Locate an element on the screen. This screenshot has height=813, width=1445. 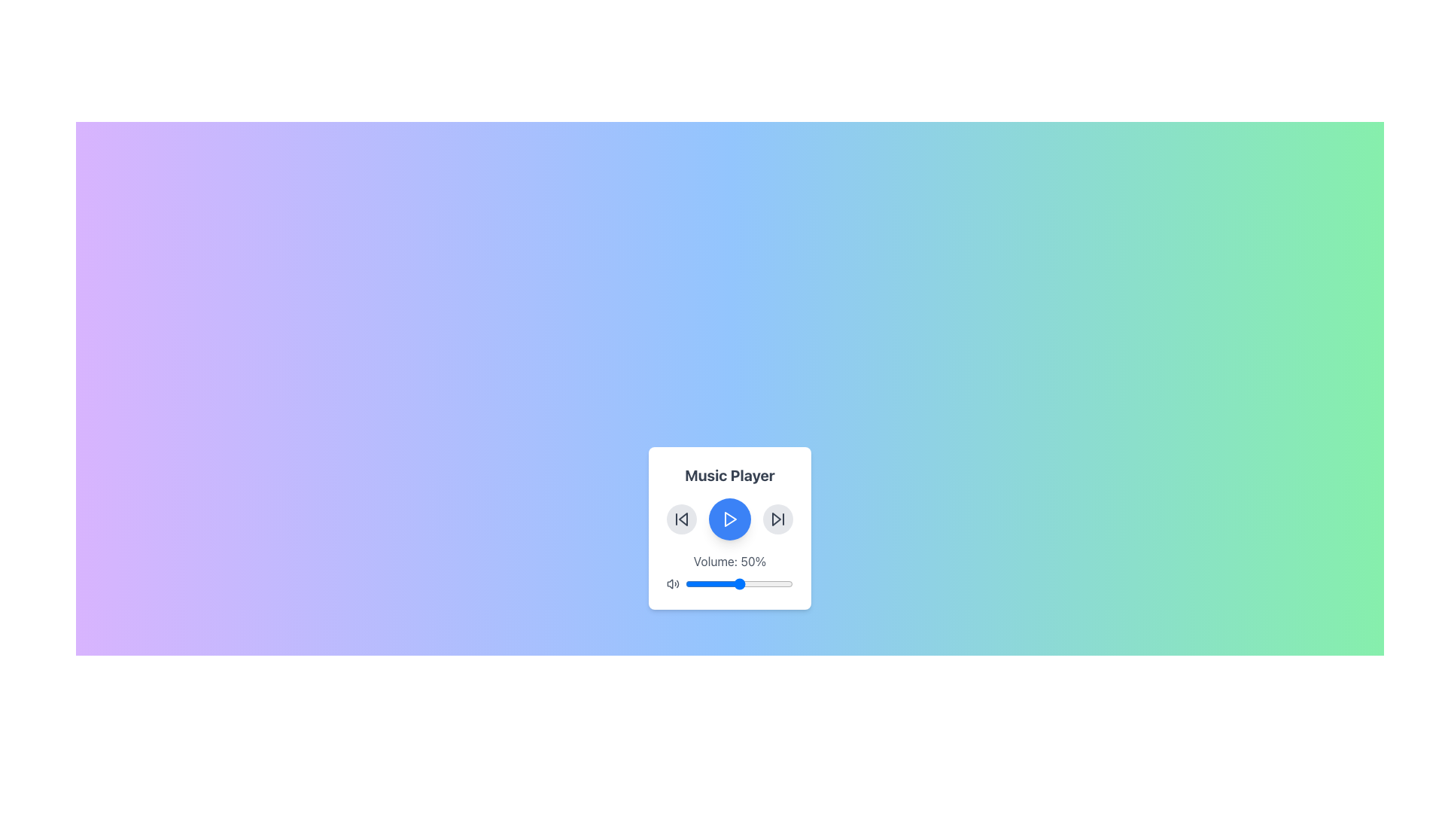
the previous track button, which is the first button from the left in the media controls section is located at coordinates (681, 519).